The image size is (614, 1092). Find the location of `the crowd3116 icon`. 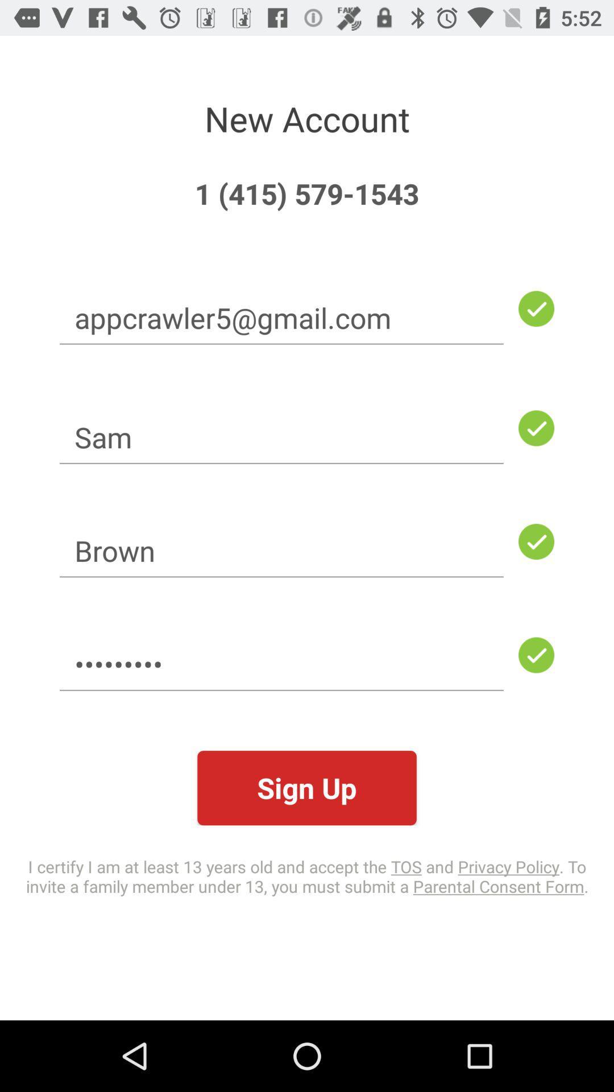

the crowd3116 icon is located at coordinates (281, 664).